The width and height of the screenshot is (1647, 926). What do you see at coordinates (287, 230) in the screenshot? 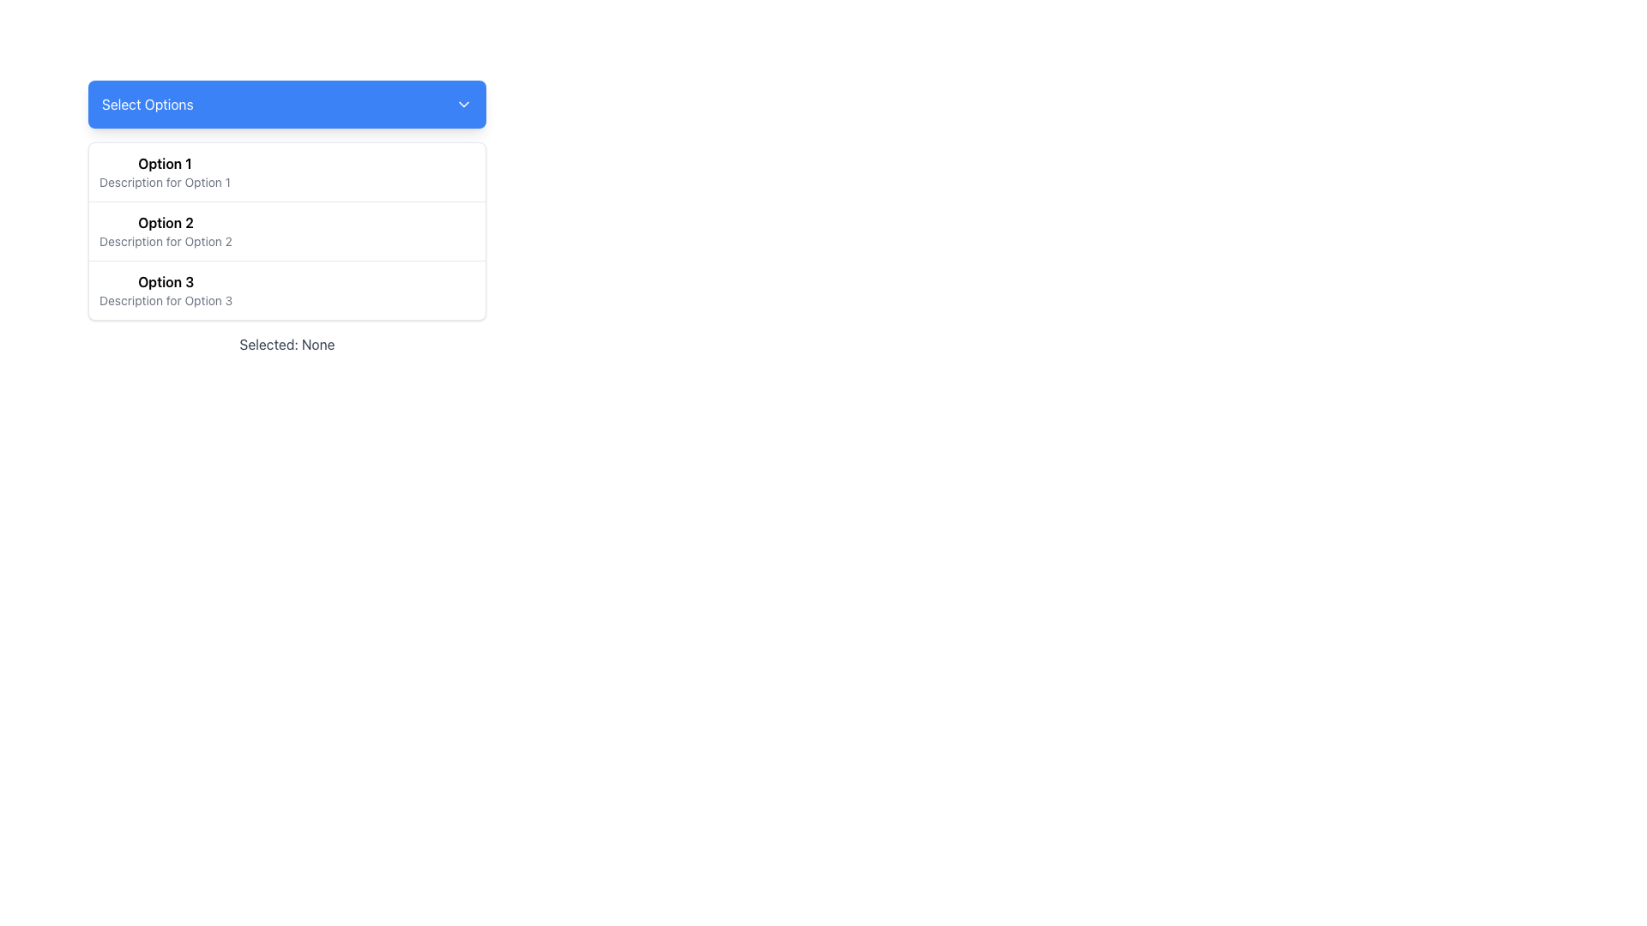
I see `the second item labeled 'Option 2' in the dropdown menu` at bounding box center [287, 230].